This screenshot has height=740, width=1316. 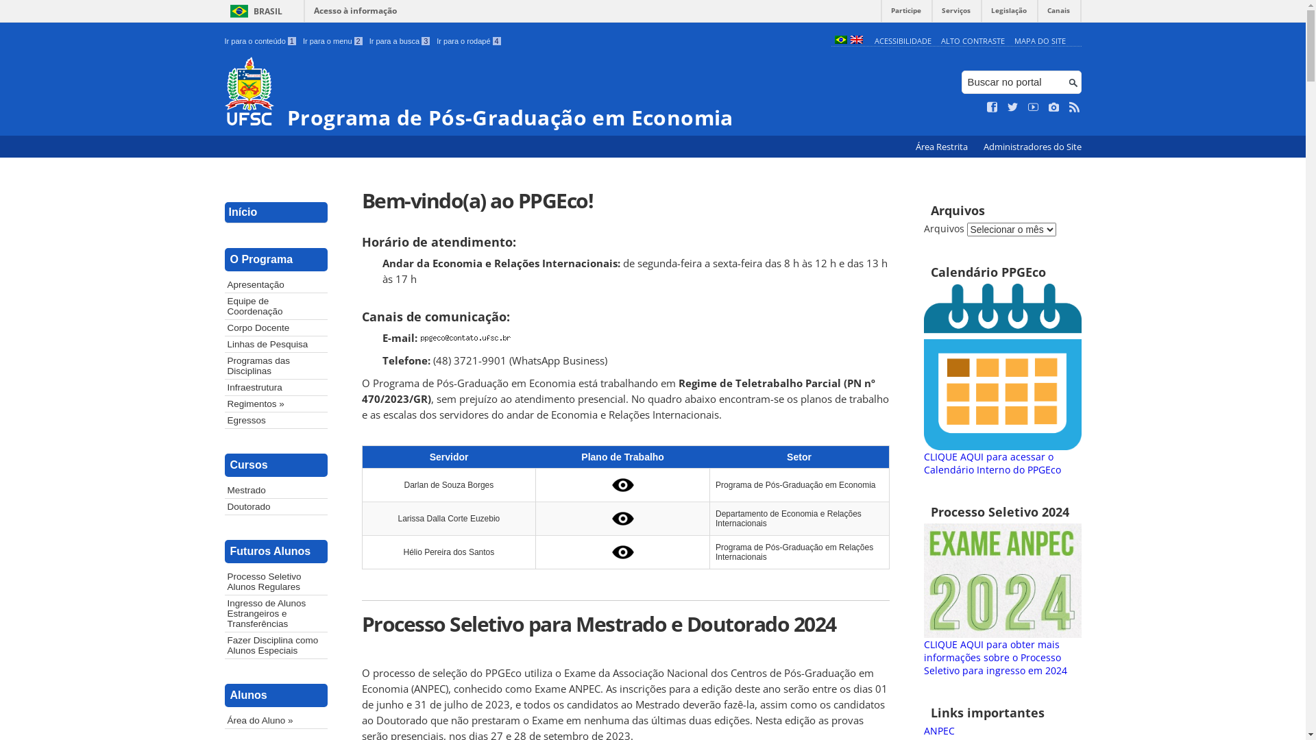 I want to click on 'Administradores do Site', so click(x=1032, y=147).